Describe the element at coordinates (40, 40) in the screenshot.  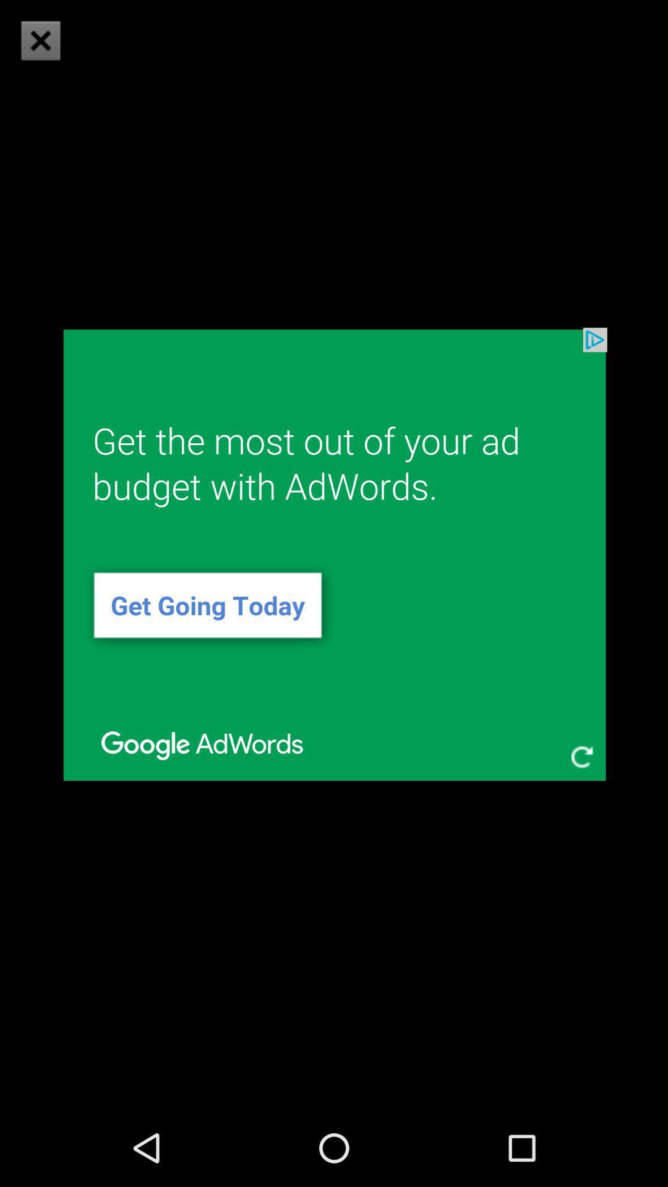
I see `icon at the top left corner` at that location.